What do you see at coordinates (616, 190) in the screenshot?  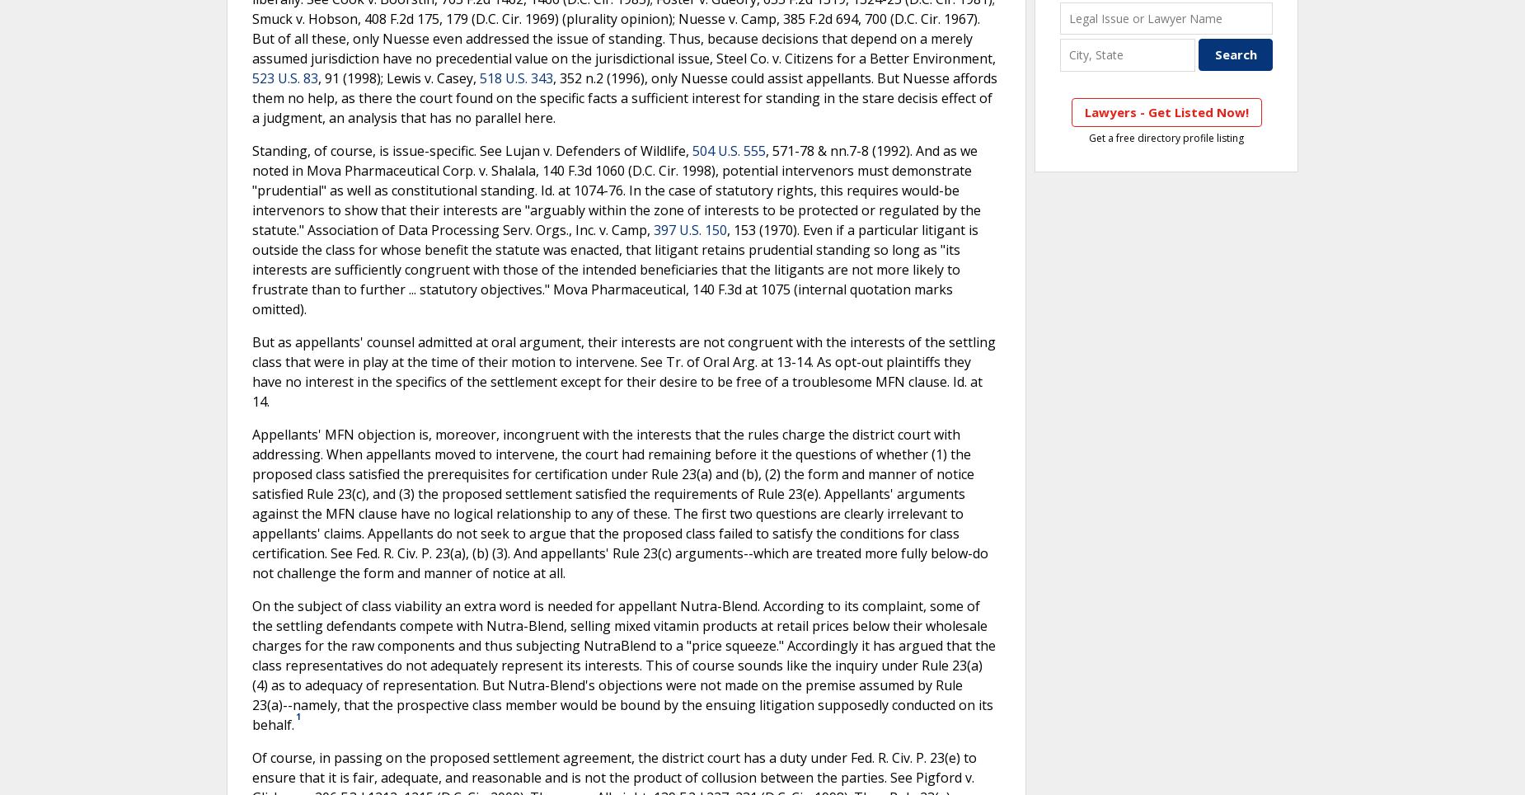 I see `', 571-78 & nn.7-8 (1992). And as we noted in Mova Pharmaceutical Corp. v. Shalala, 140 F.3d 1060 (D.C. Cir. 1998), potential intervenors must demonstrate "prudential" as well as constitutional standing. Id. at 1074-76. In the case of statutory rights, this requires would-be intervenors to show that their interests are "arguably within the zone of interests to be protected or regulated by the statute." Association of Data Processing Serv. Orgs., Inc. v. Camp,'` at bounding box center [616, 190].